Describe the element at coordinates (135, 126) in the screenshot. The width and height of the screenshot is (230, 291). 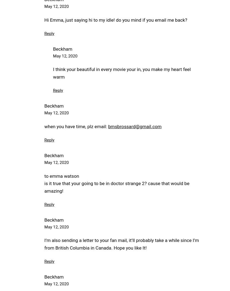
I see `'bmsbrossard@gmail.com'` at that location.